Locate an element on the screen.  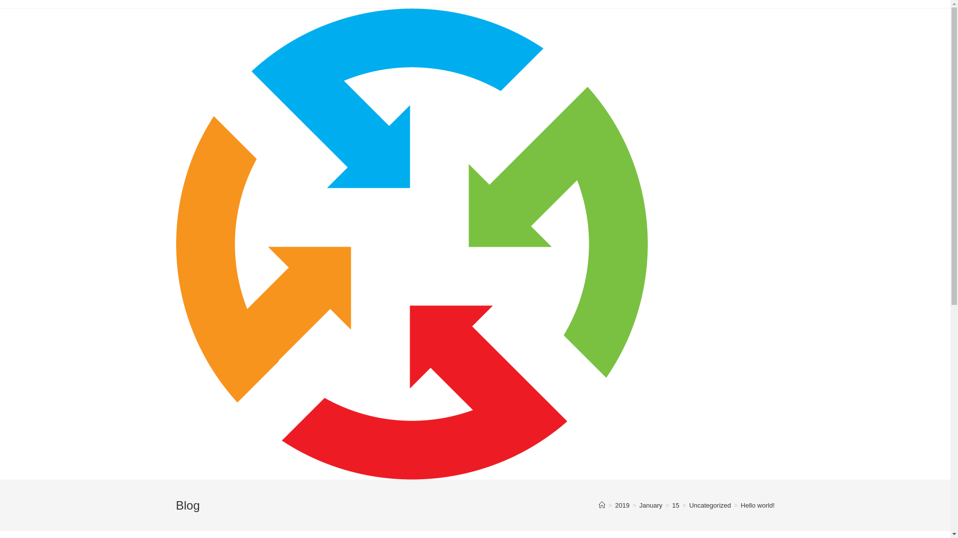
'January' is located at coordinates (651, 505).